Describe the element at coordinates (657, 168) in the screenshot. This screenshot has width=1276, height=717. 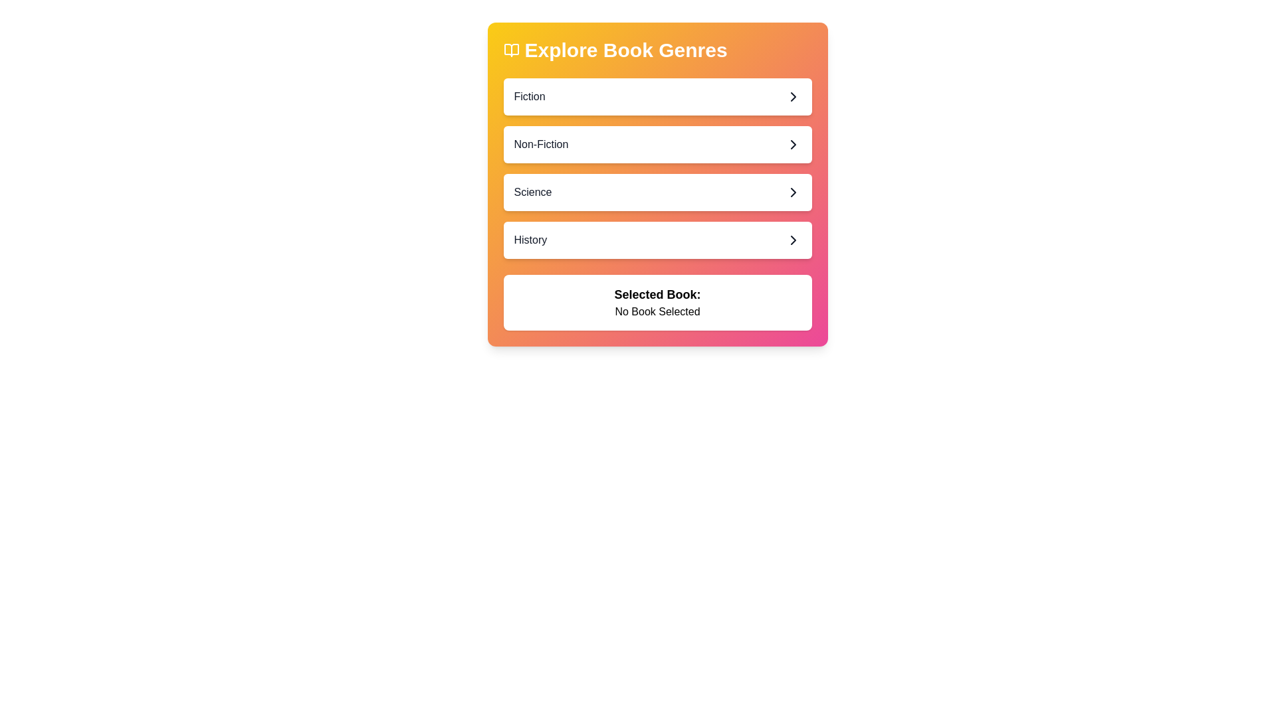
I see `the 'Non-Fiction' button located in the 'Explore Book Genres' section` at that location.